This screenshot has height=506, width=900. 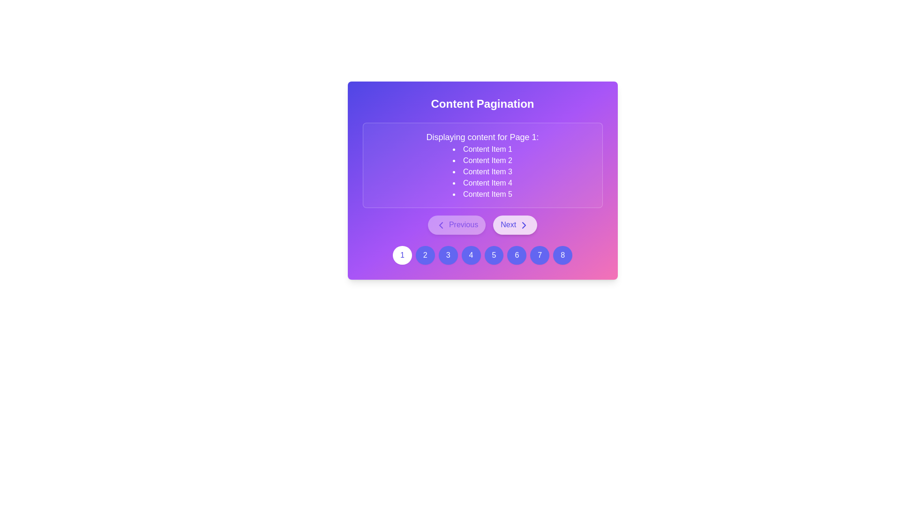 I want to click on the rightmost pagination button labeled '8' at the bottom center of the content card, so click(x=562, y=254).